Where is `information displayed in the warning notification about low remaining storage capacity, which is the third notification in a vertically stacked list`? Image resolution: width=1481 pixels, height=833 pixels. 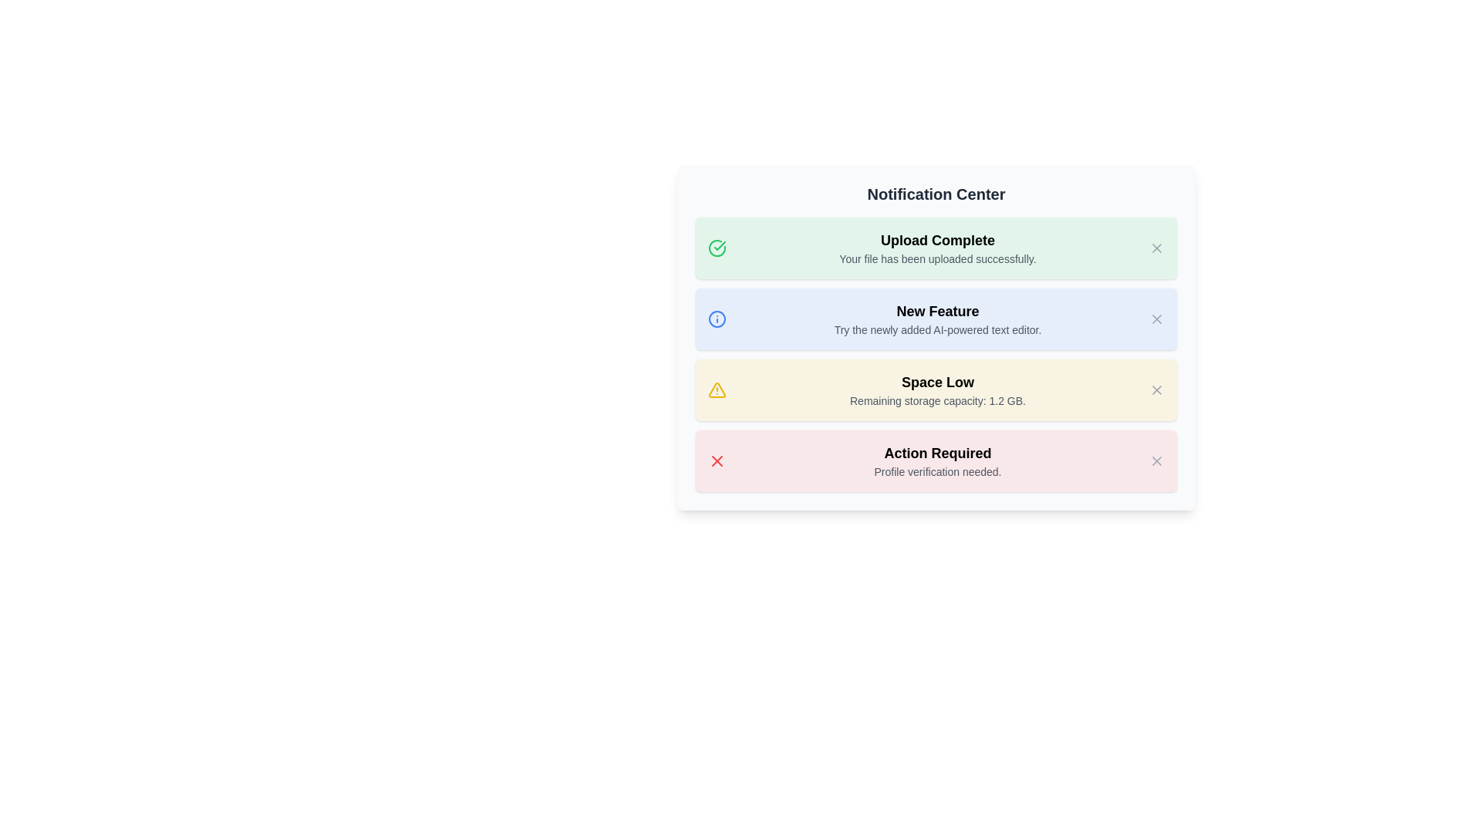 information displayed in the warning notification about low remaining storage capacity, which is the third notification in a vertically stacked list is located at coordinates (936, 389).